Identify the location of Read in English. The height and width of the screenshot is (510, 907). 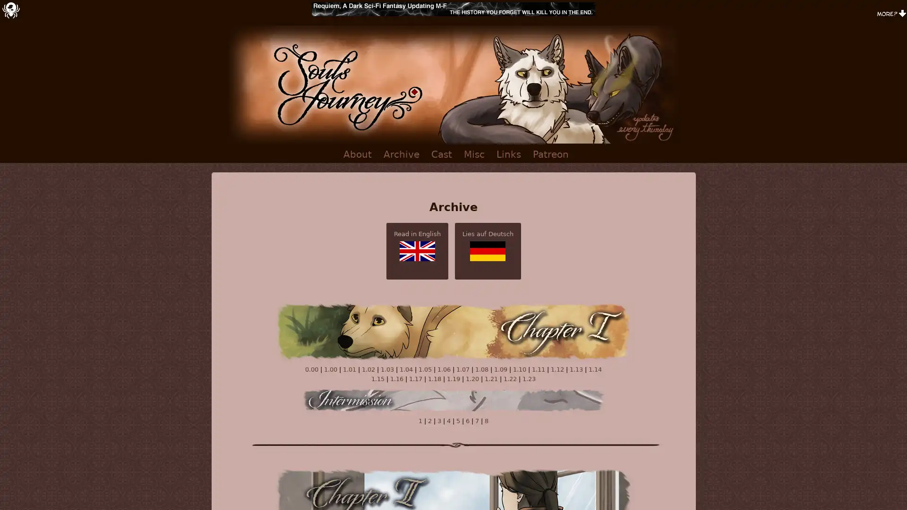
(416, 250).